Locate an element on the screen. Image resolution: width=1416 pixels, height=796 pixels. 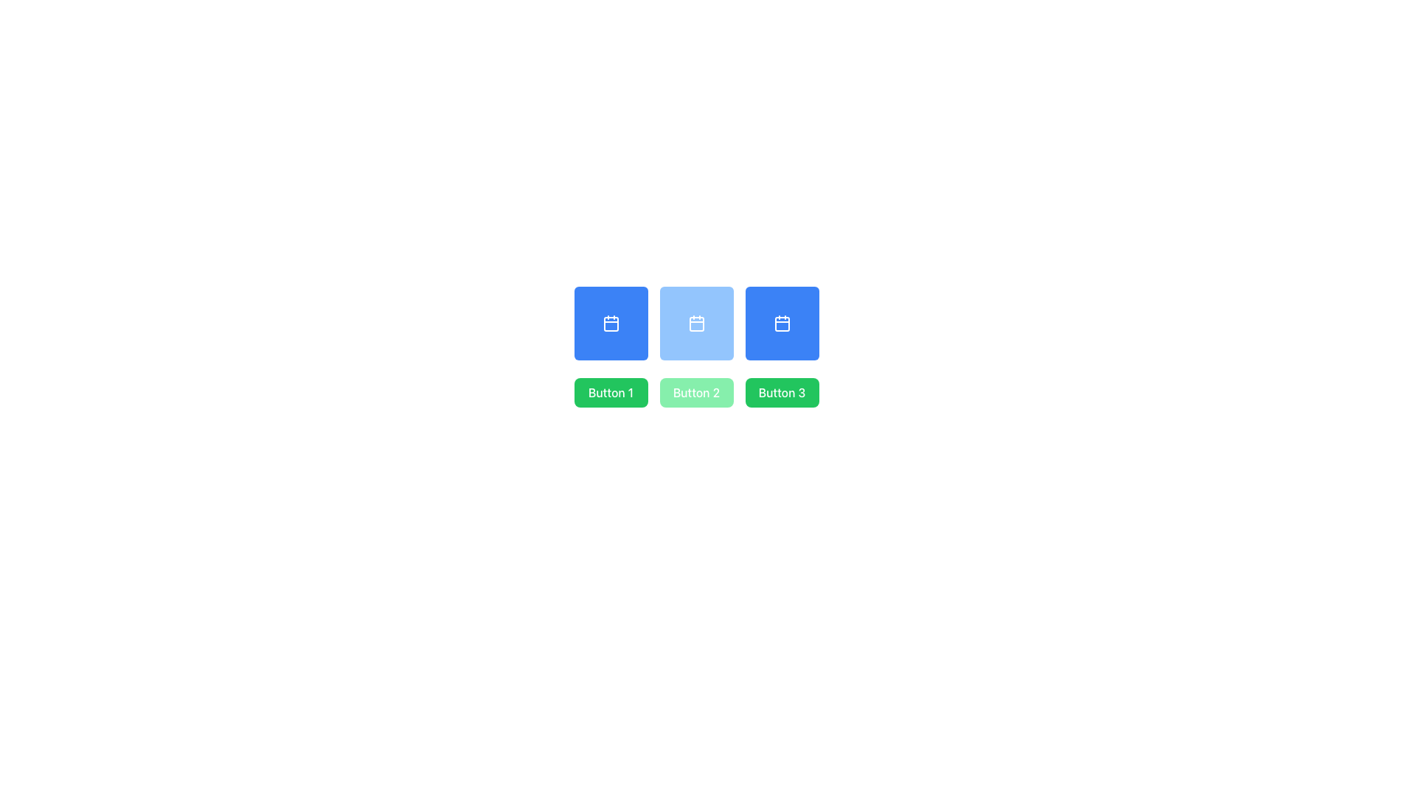
the white-stroked rounded rectangle located centrally within the blue calendar icon, which is positioned above the green button labeled 'Button 3' is located at coordinates (781, 323).